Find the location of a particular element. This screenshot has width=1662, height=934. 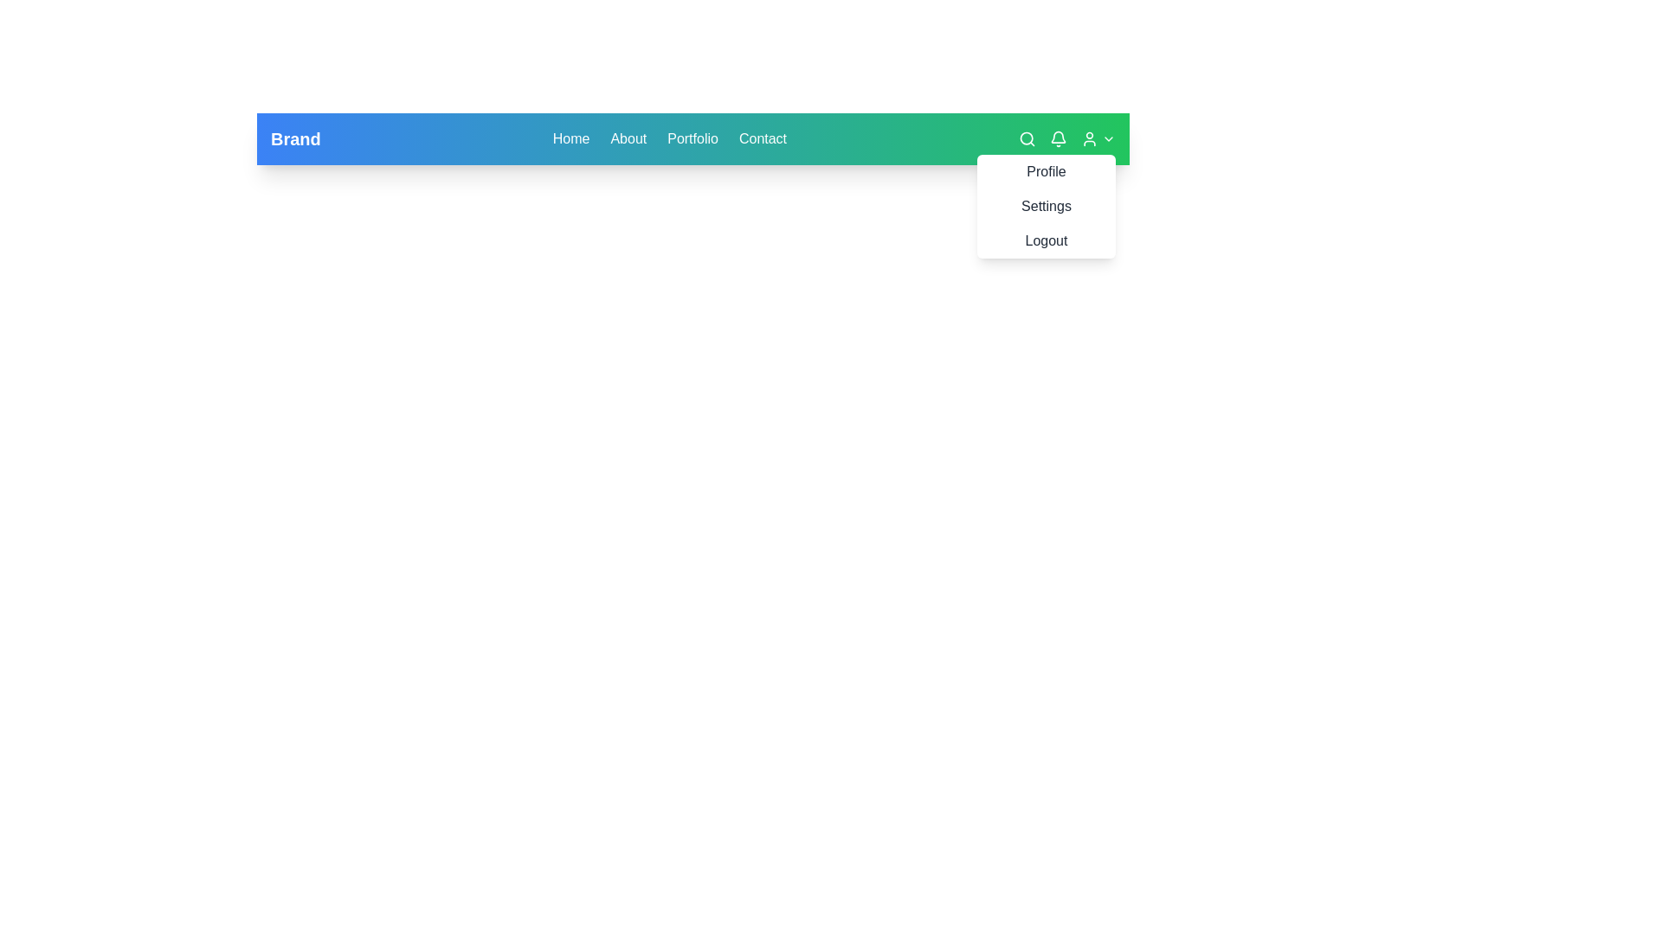

the static text or label, which serves as a brand identifier or logo located in the horizontal navigation bar at the top of the interface is located at coordinates (295, 138).